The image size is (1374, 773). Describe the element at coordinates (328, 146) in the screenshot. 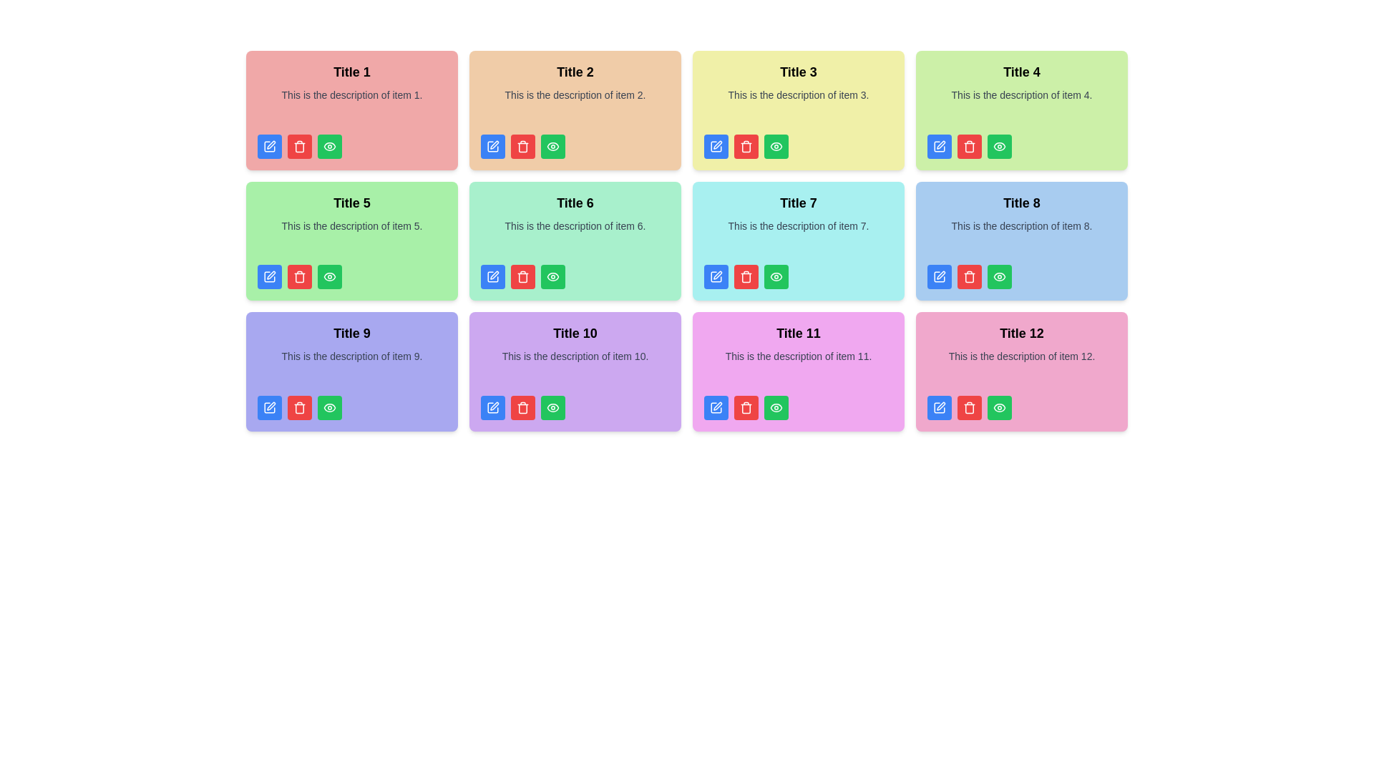

I see `the rightmost icon button located within the green button at the bottom right of the card titled 'Title 5'` at that location.